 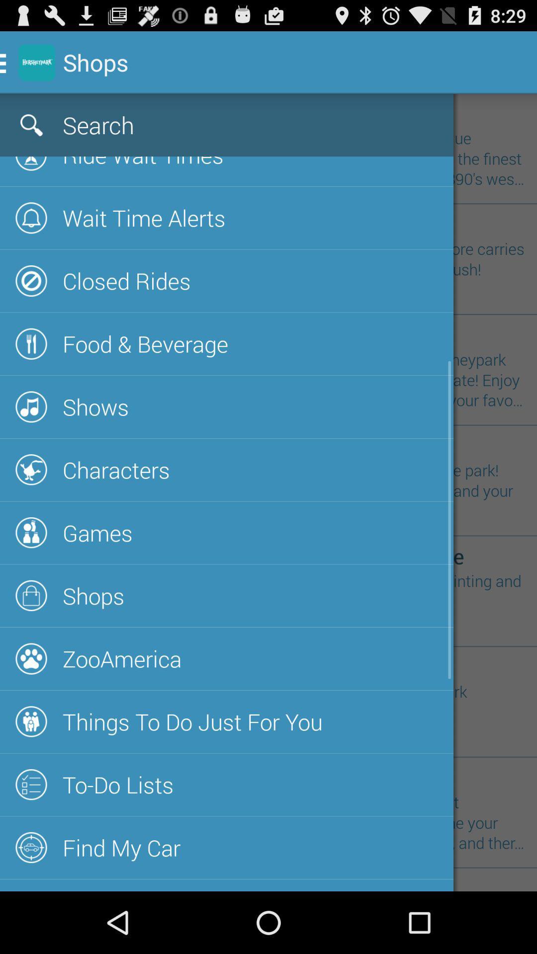 What do you see at coordinates (31, 163) in the screenshot?
I see `the first icon below search icon` at bounding box center [31, 163].